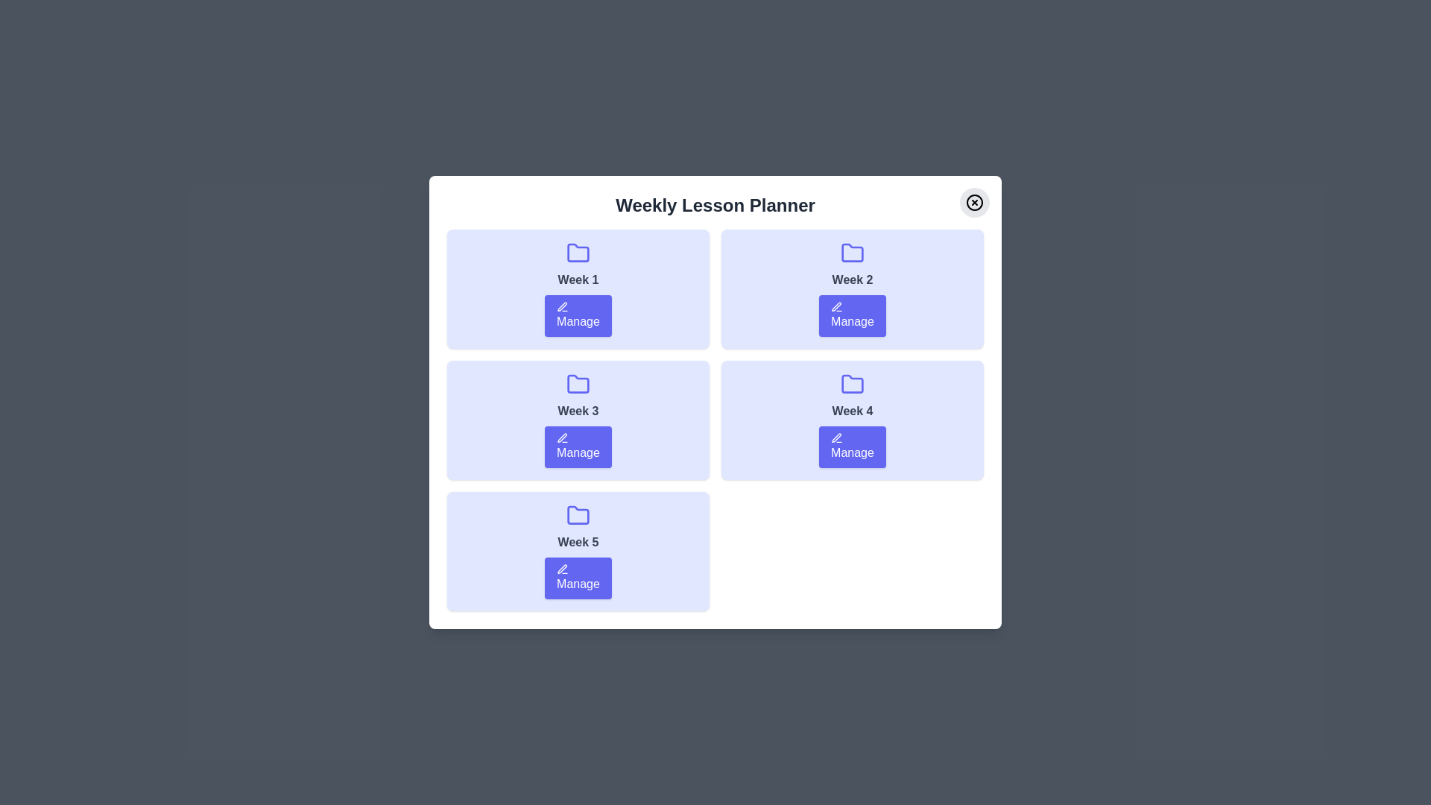 Image resolution: width=1431 pixels, height=805 pixels. Describe the element at coordinates (578, 577) in the screenshot. I see `'Manage' button for Week 5` at that location.